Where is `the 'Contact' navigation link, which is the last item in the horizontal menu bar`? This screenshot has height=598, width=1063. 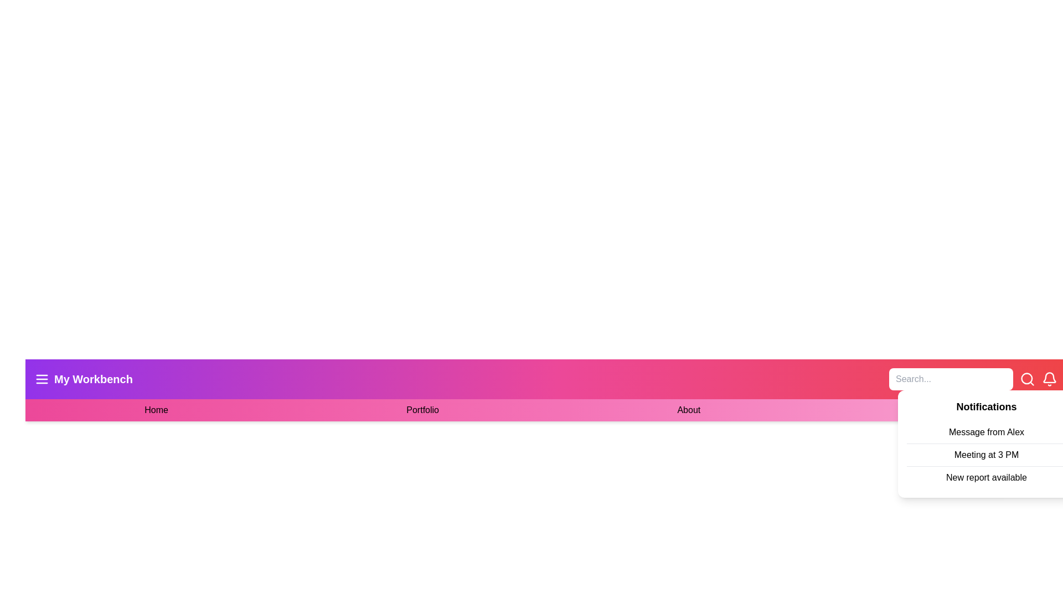
the 'Contact' navigation link, which is the last item in the horizontal menu bar is located at coordinates (953, 410).